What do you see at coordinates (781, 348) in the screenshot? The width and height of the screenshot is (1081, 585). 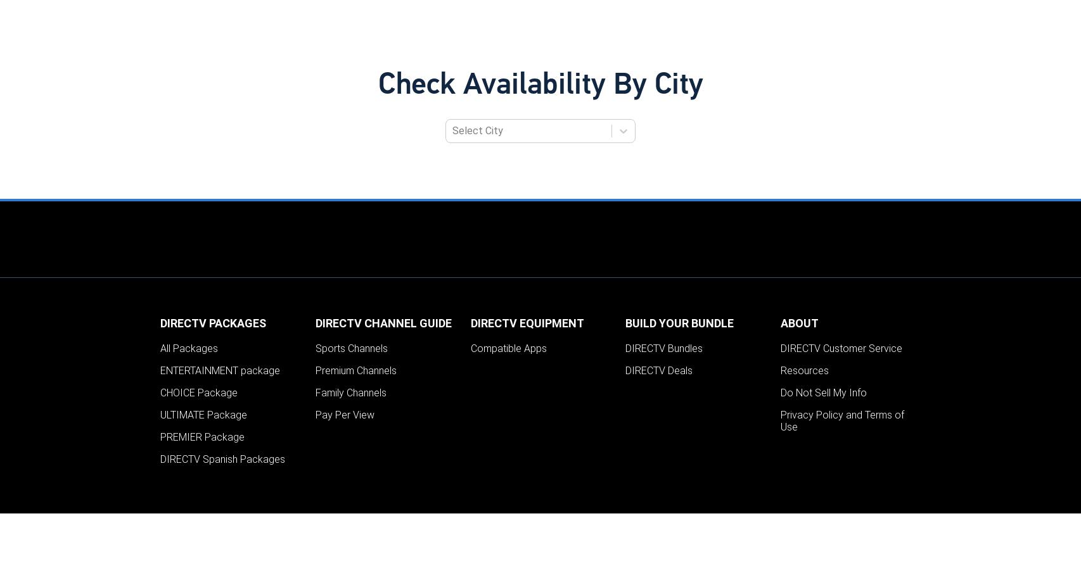 I see `'DIRECTV Customer Service'` at bounding box center [781, 348].